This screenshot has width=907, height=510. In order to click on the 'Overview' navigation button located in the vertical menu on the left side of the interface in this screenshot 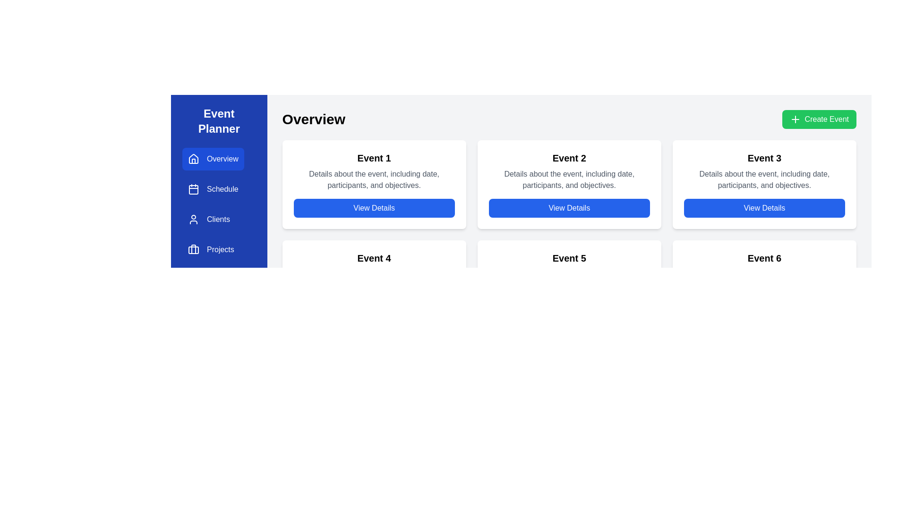, I will do `click(213, 158)`.